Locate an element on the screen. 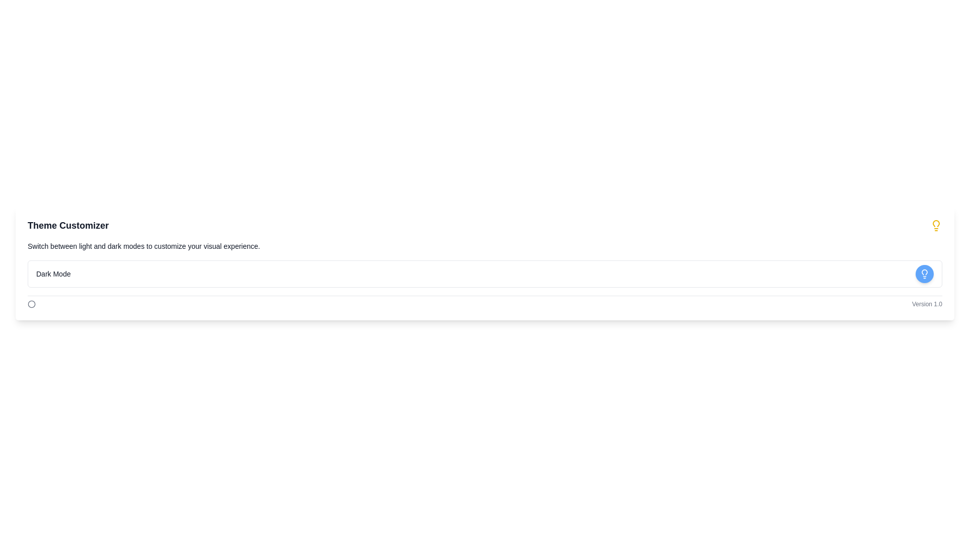 The image size is (967, 544). circular icon located at the far left of the element cluster in the footer section, which is adjacent to the 'Version 1.0' label is located at coordinates (31, 303).